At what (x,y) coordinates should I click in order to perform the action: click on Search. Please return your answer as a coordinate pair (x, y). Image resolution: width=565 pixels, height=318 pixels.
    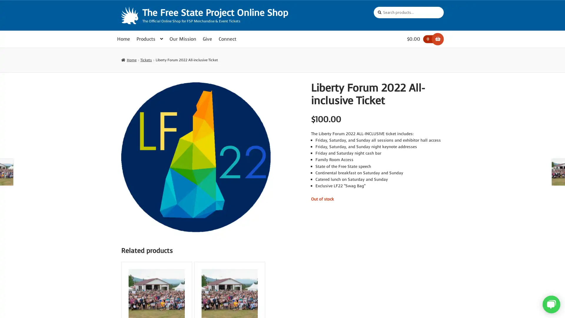
    Looking at the image, I should click on (373, 6).